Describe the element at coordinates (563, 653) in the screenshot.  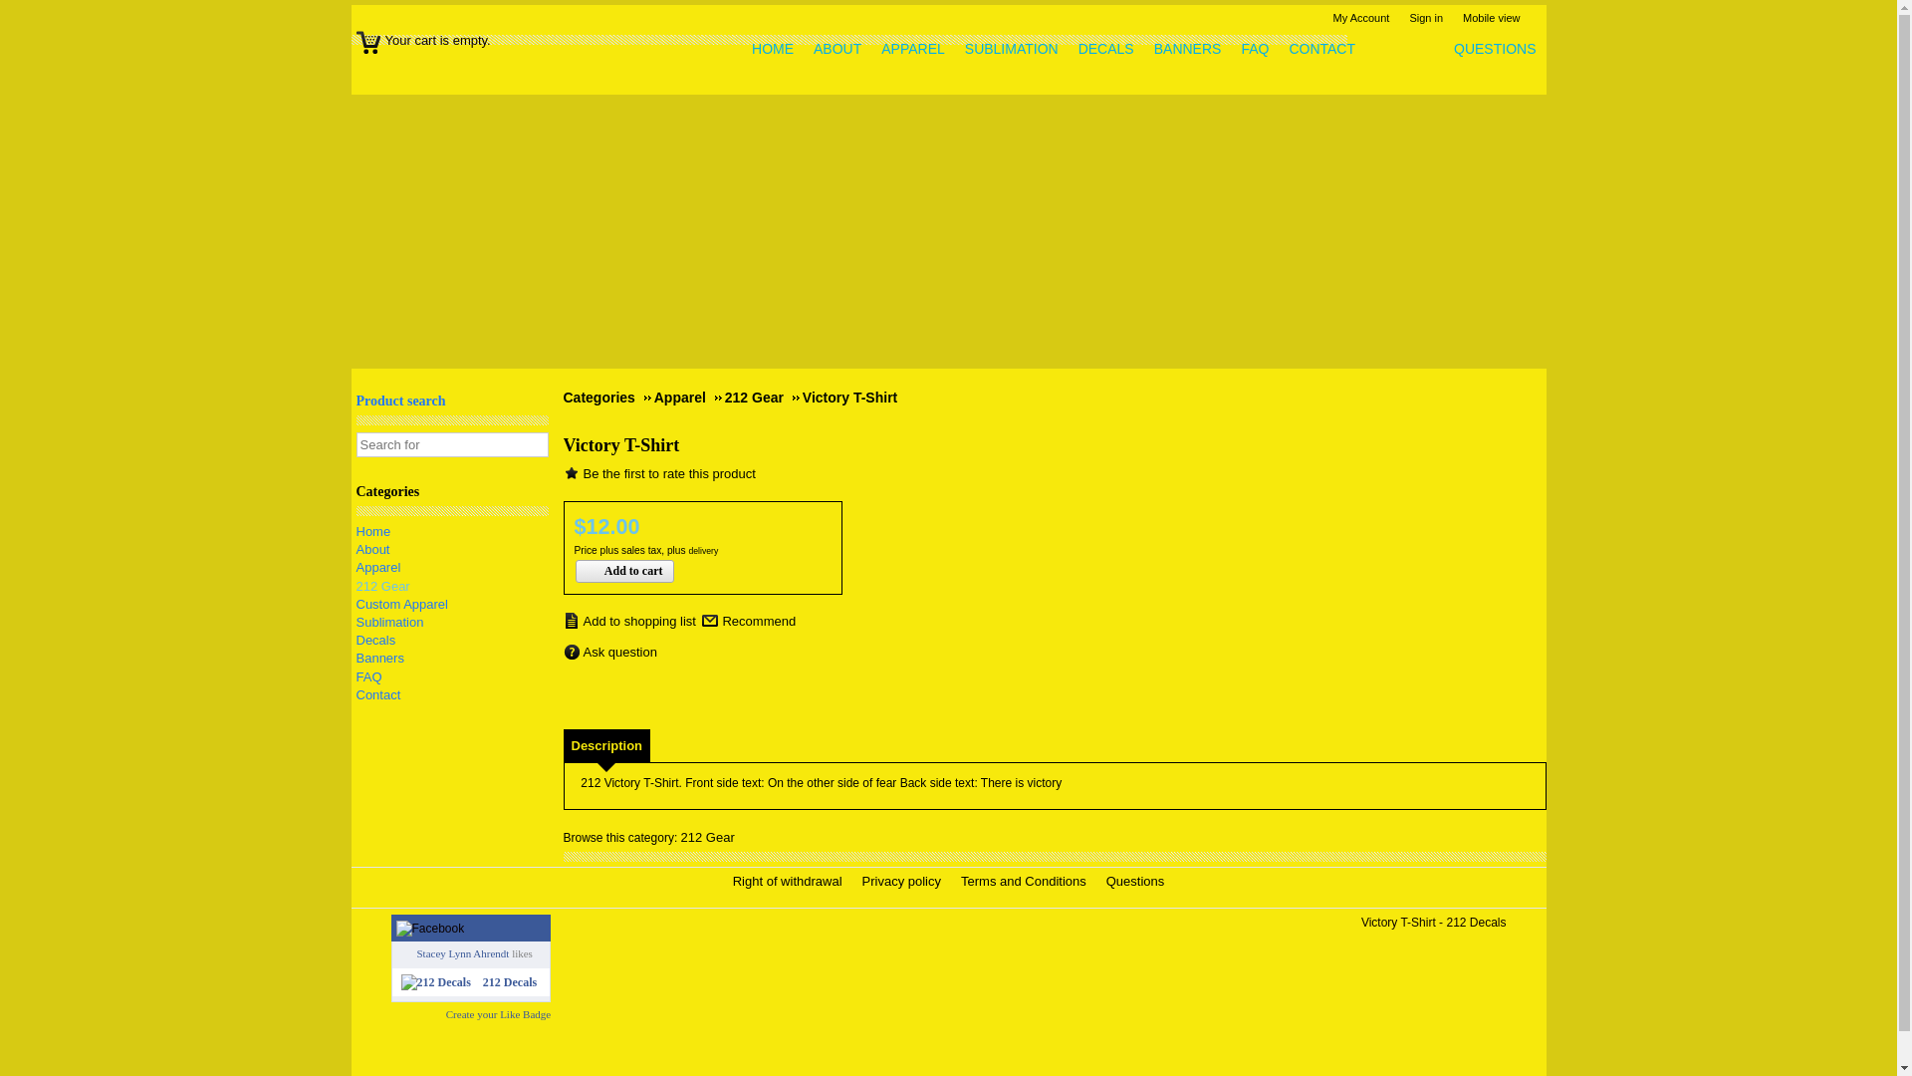
I see `'Ask question'` at that location.